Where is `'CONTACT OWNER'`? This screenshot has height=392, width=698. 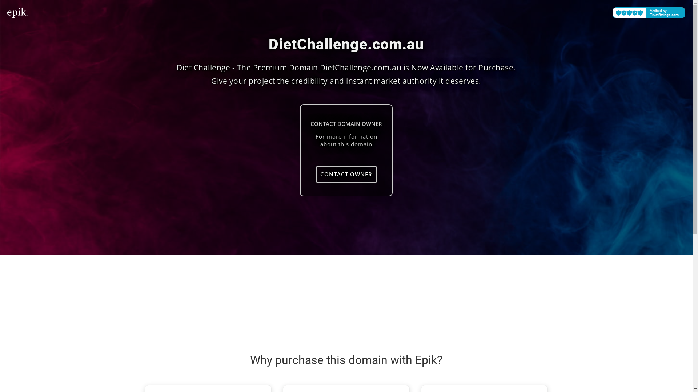 'CONTACT OWNER' is located at coordinates (345, 174).